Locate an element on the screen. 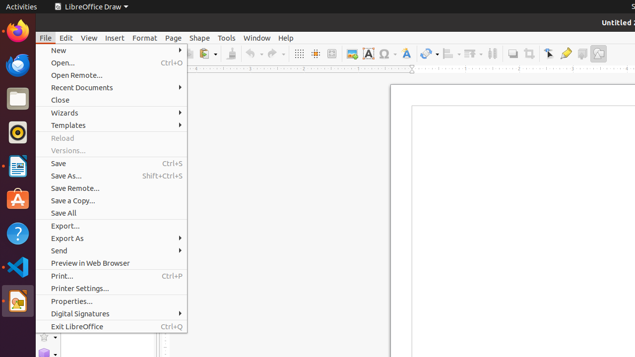 The image size is (635, 357). 'Fontwork Style' is located at coordinates (406, 54).